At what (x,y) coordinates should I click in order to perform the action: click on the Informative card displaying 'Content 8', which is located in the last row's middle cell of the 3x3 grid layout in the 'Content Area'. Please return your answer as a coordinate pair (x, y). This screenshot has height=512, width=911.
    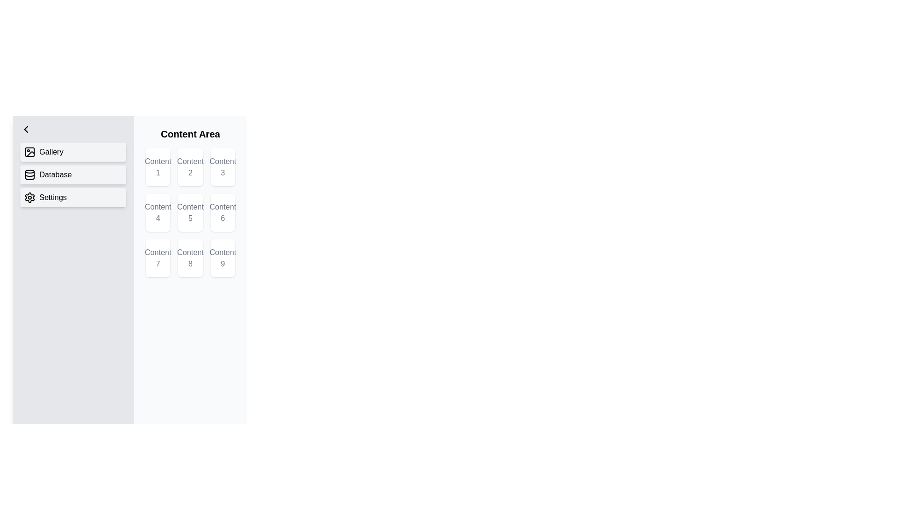
    Looking at the image, I should click on (190, 258).